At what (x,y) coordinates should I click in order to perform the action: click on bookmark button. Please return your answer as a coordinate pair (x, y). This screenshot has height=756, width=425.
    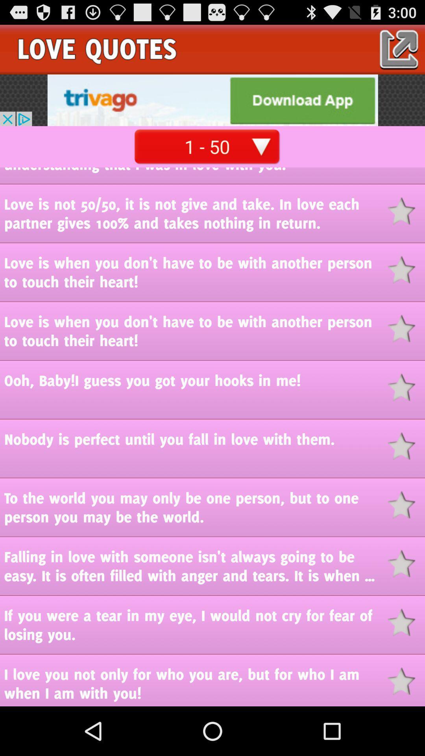
    Looking at the image, I should click on (406, 211).